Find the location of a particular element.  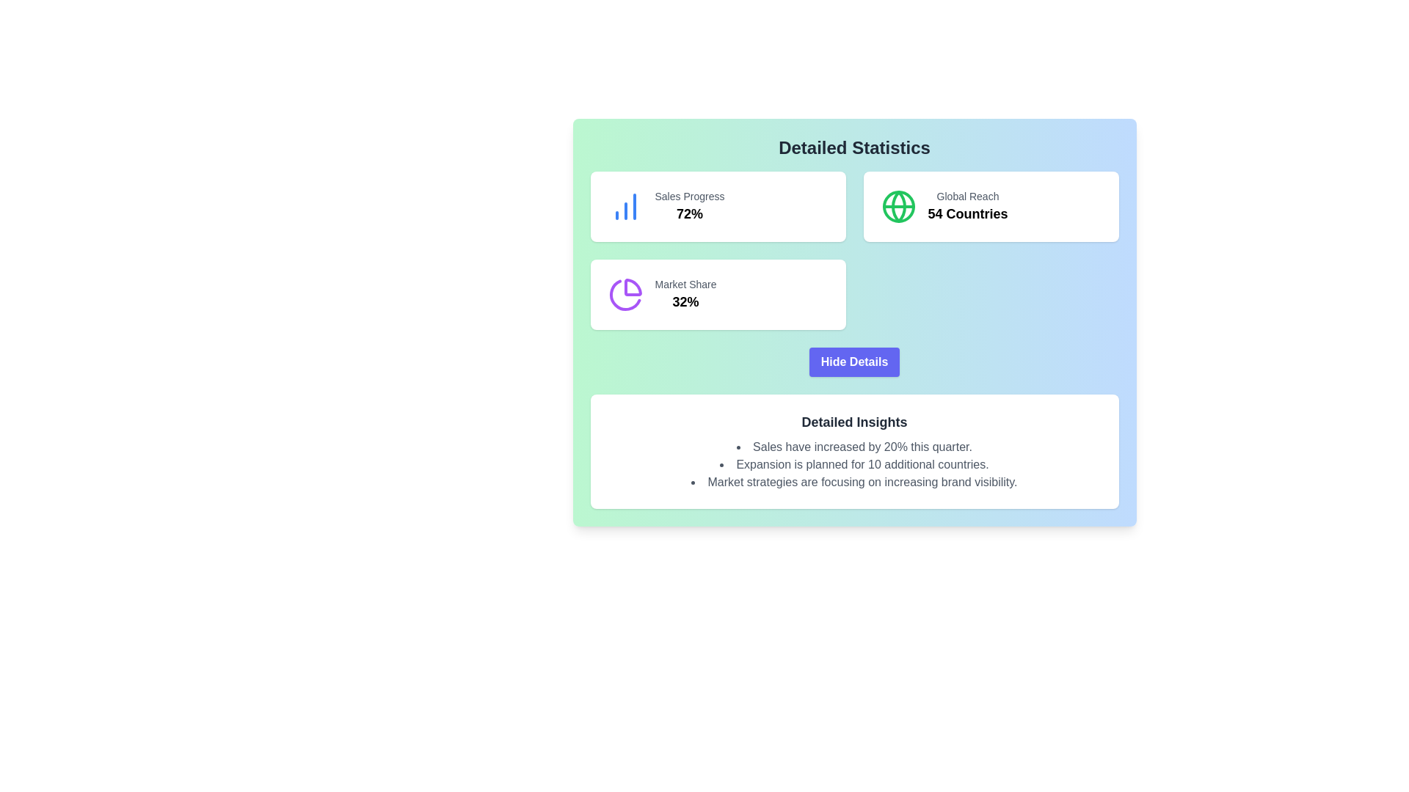

the 'Sales Progress' percentage value text label, which is centrally aligned below the 'Sales Progress' label in the upper-left quadrant of the interface is located at coordinates (689, 214).